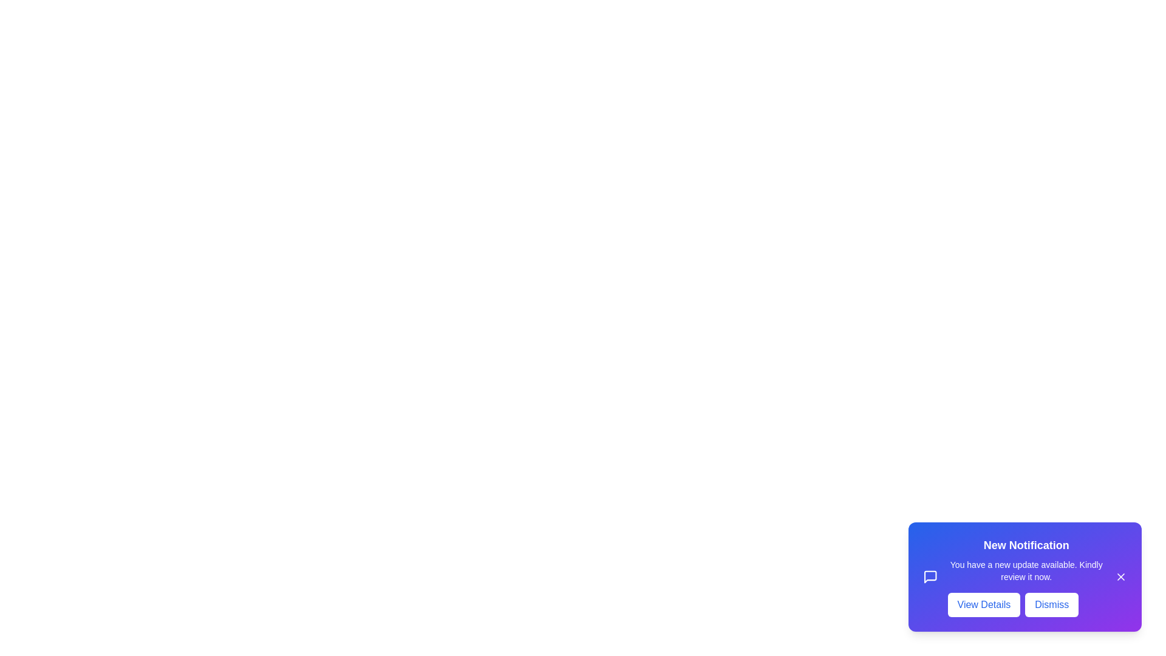 The width and height of the screenshot is (1166, 656). Describe the element at coordinates (1120, 576) in the screenshot. I see `close 'X' button on the StyledSnackbar component` at that location.